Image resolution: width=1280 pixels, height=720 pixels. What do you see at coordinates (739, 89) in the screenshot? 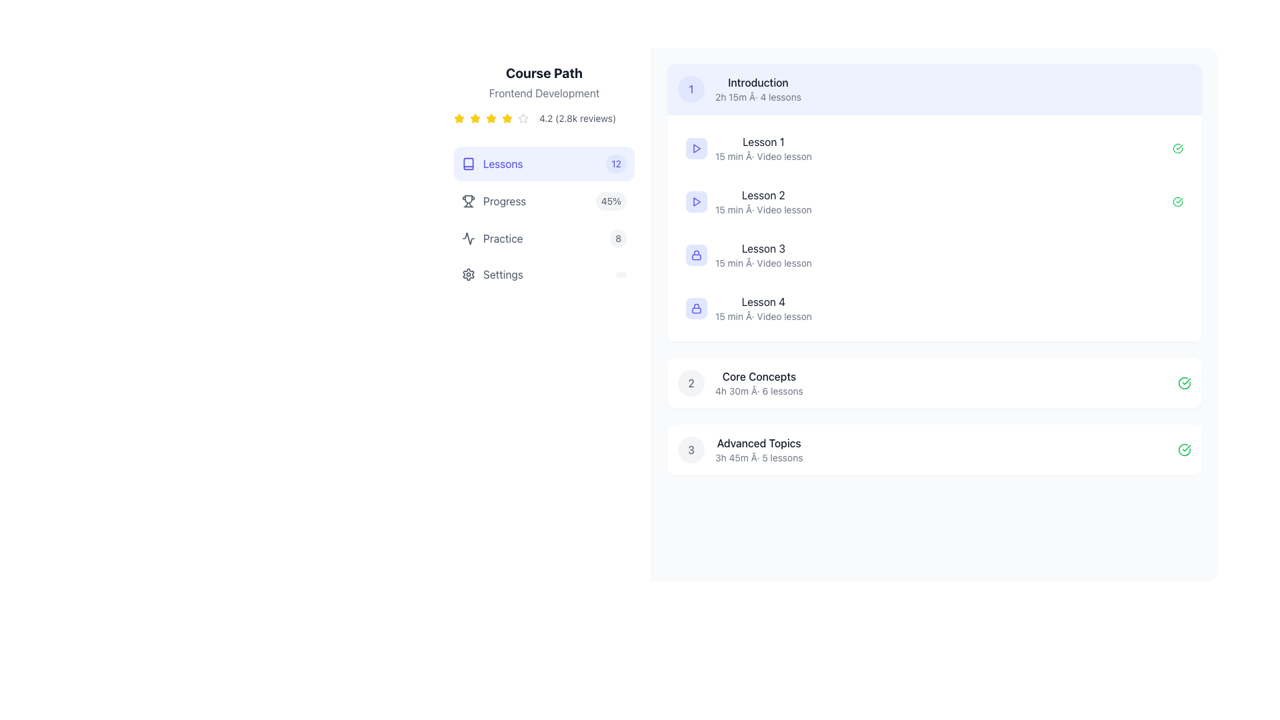
I see `the first List Item in the lesson section, which features a circular number icon with '1' and the text 'Introduction'` at bounding box center [739, 89].